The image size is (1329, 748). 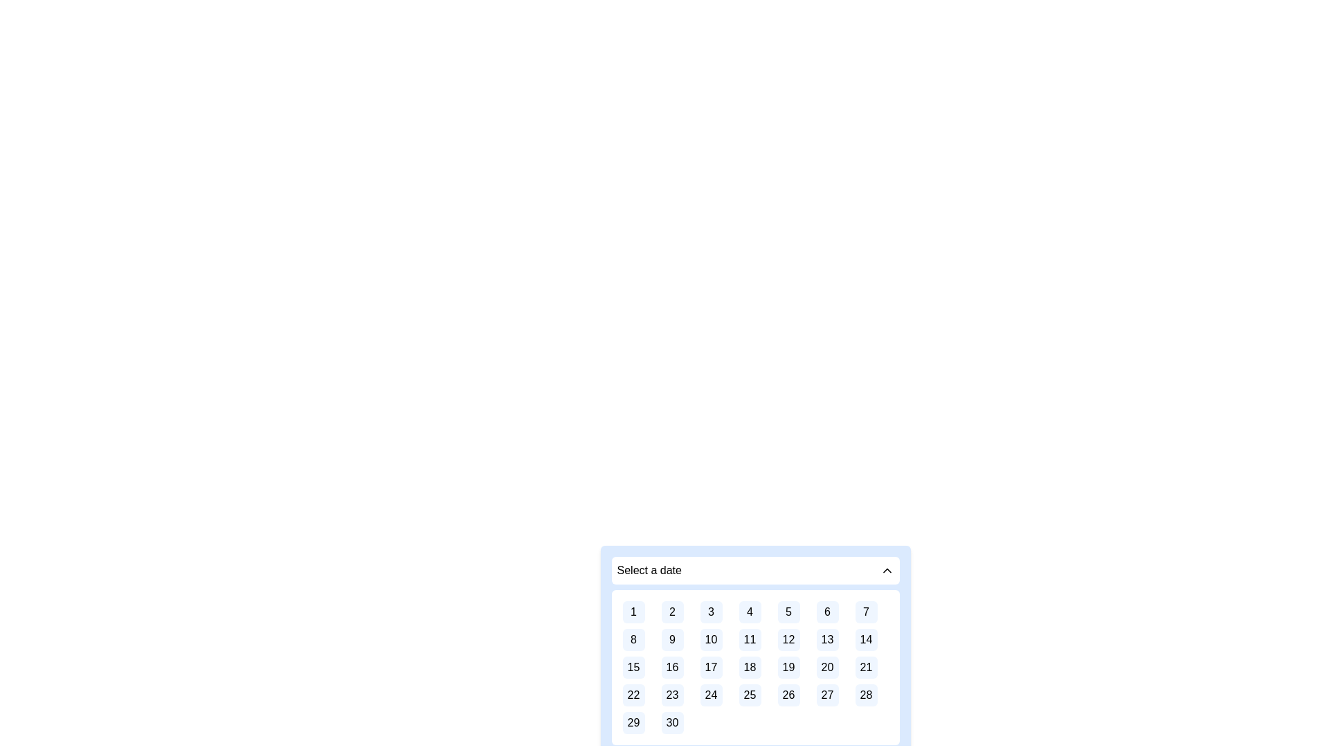 I want to click on the button-like date selector displaying the number '13' in the calendar, so click(x=827, y=640).